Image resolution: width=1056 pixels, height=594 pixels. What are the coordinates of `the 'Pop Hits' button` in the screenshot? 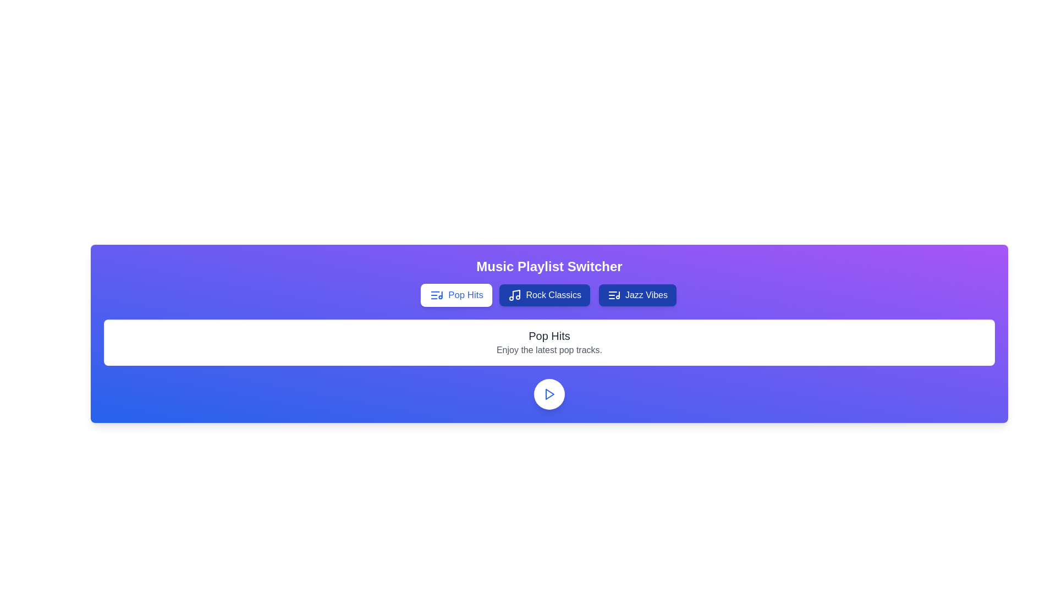 It's located at (457, 294).